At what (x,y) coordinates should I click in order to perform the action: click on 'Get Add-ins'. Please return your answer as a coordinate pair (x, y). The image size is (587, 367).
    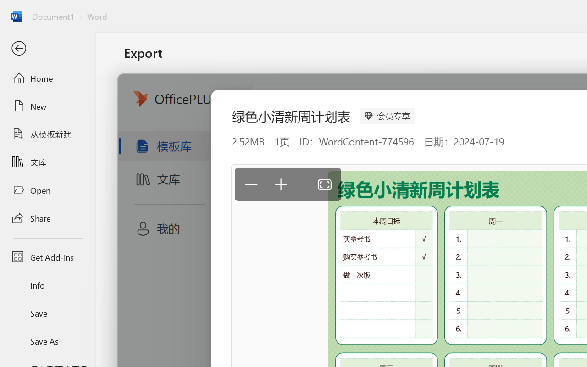
    Looking at the image, I should click on (47, 257).